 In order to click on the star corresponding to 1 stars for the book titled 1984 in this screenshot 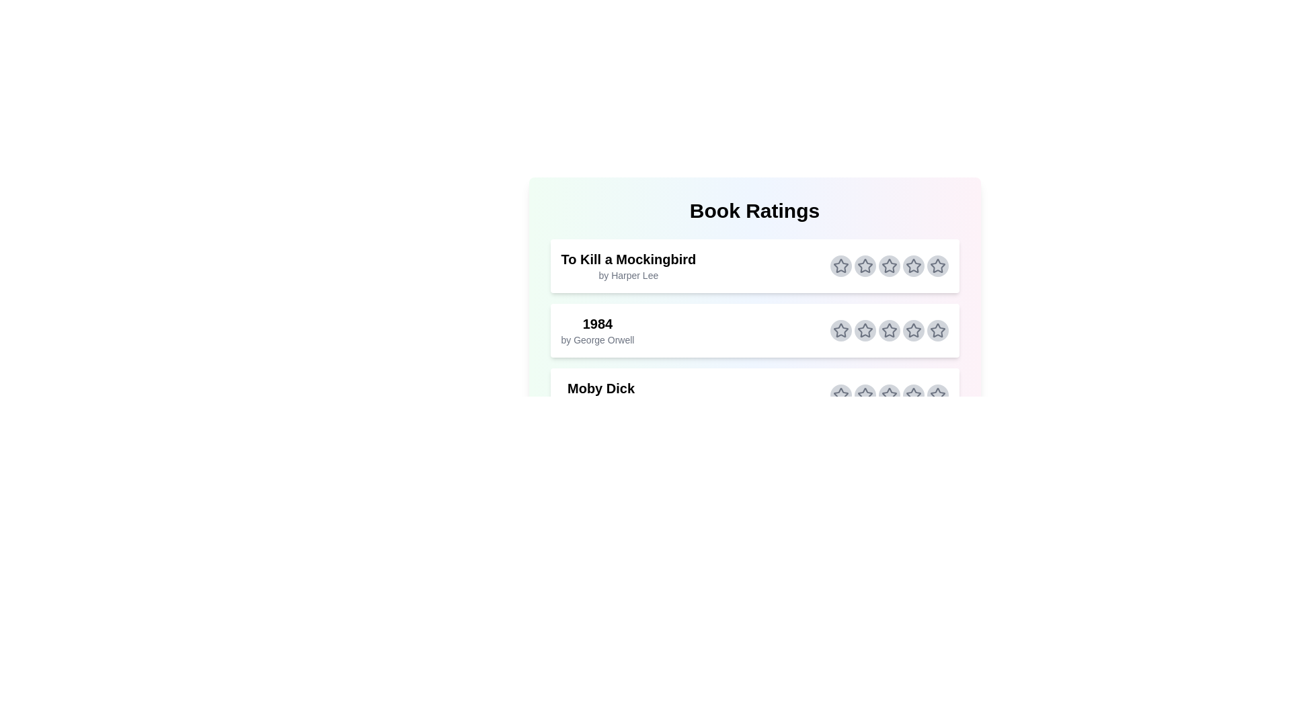, I will do `click(840, 331)`.